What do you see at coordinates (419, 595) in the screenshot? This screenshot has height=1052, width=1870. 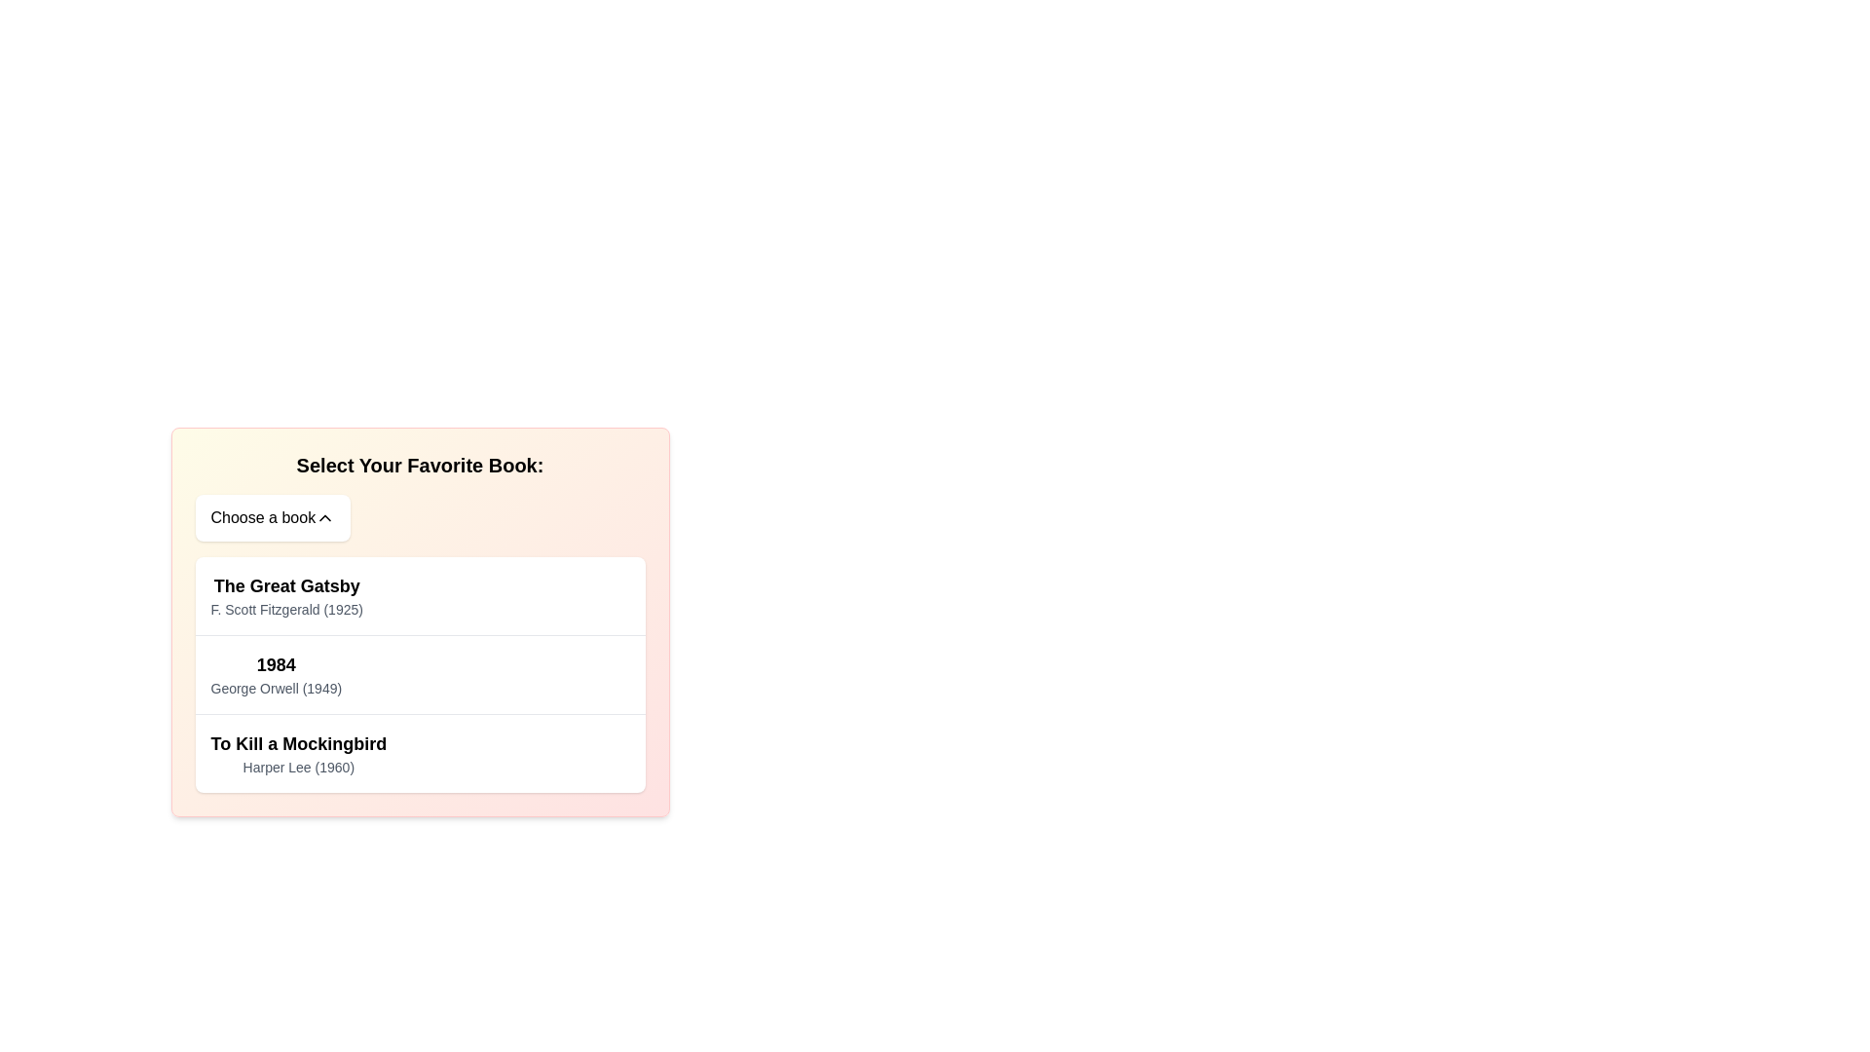 I see `the interactive list item titled 'The Great Gatsby'` at bounding box center [419, 595].